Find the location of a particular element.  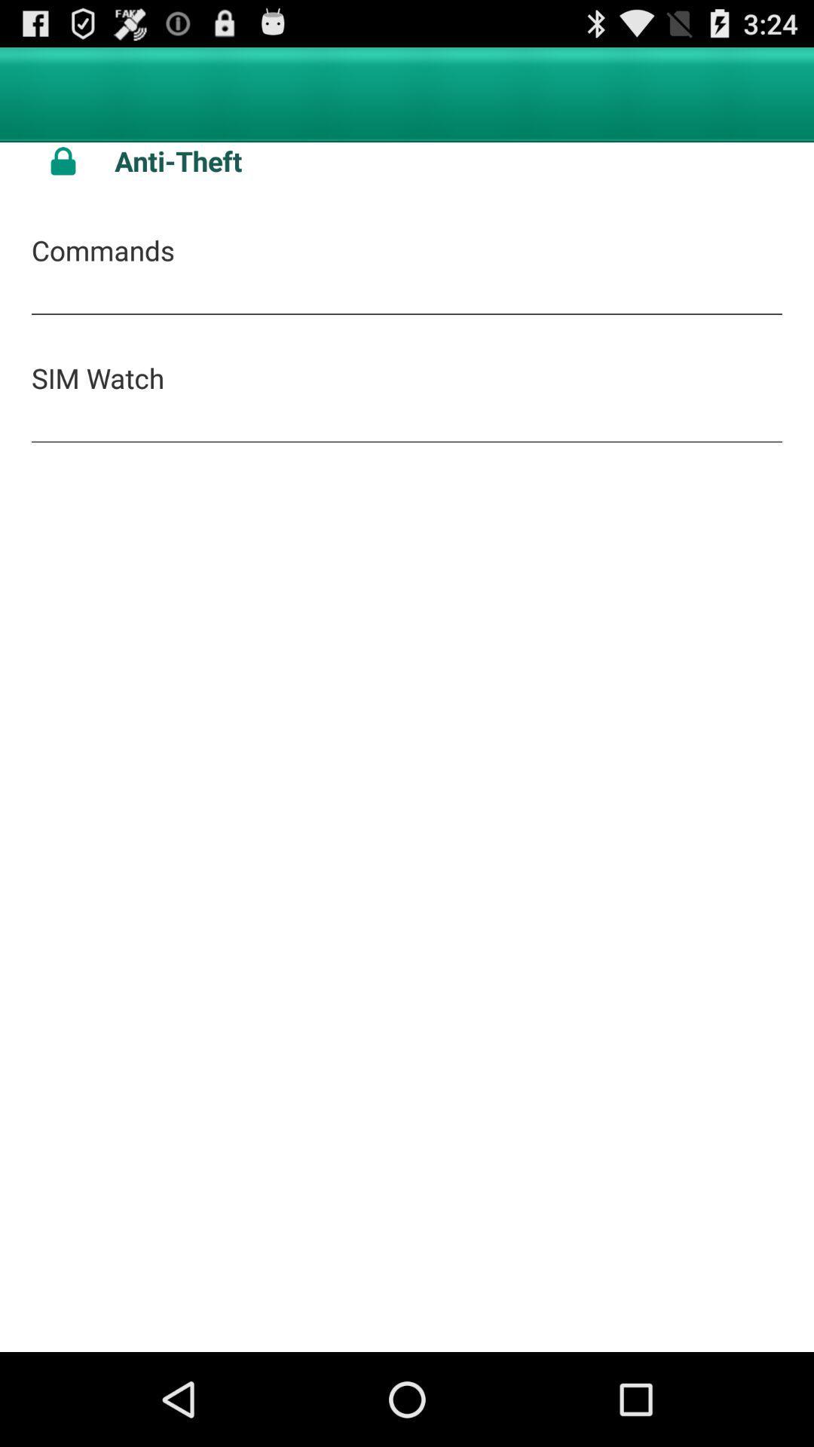

icon to the left of the anti-theft icon is located at coordinates (63, 161).